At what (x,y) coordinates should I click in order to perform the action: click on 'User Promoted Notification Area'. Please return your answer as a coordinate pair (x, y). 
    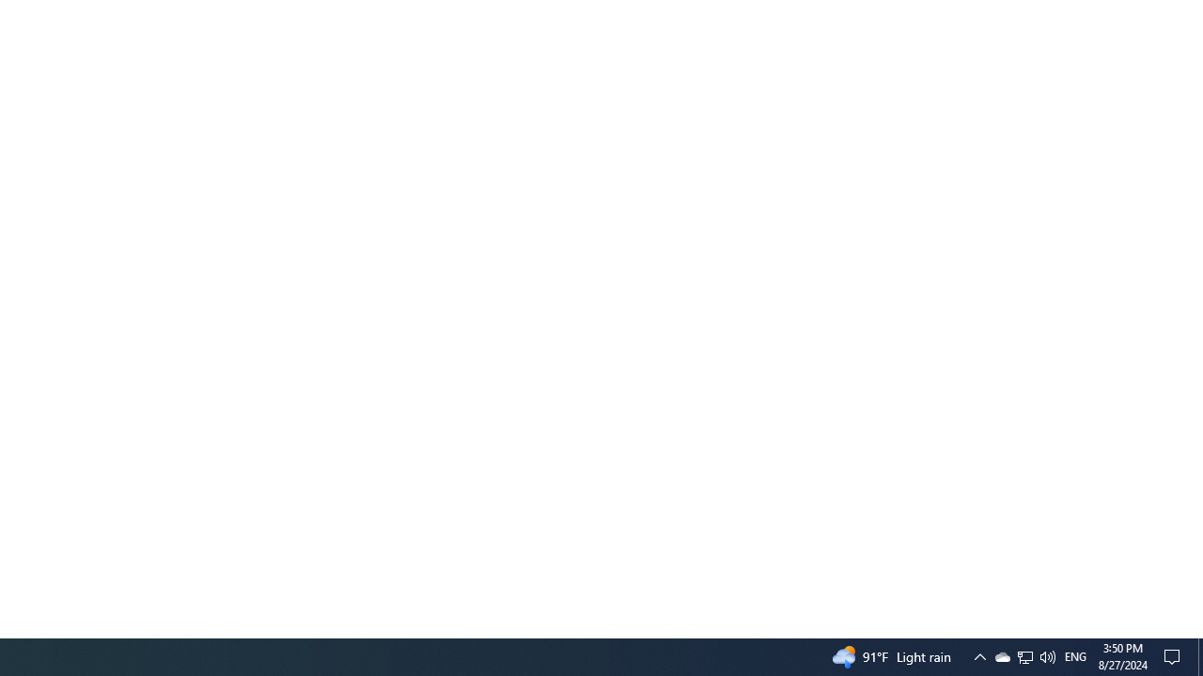
    Looking at the image, I should click on (1023, 655).